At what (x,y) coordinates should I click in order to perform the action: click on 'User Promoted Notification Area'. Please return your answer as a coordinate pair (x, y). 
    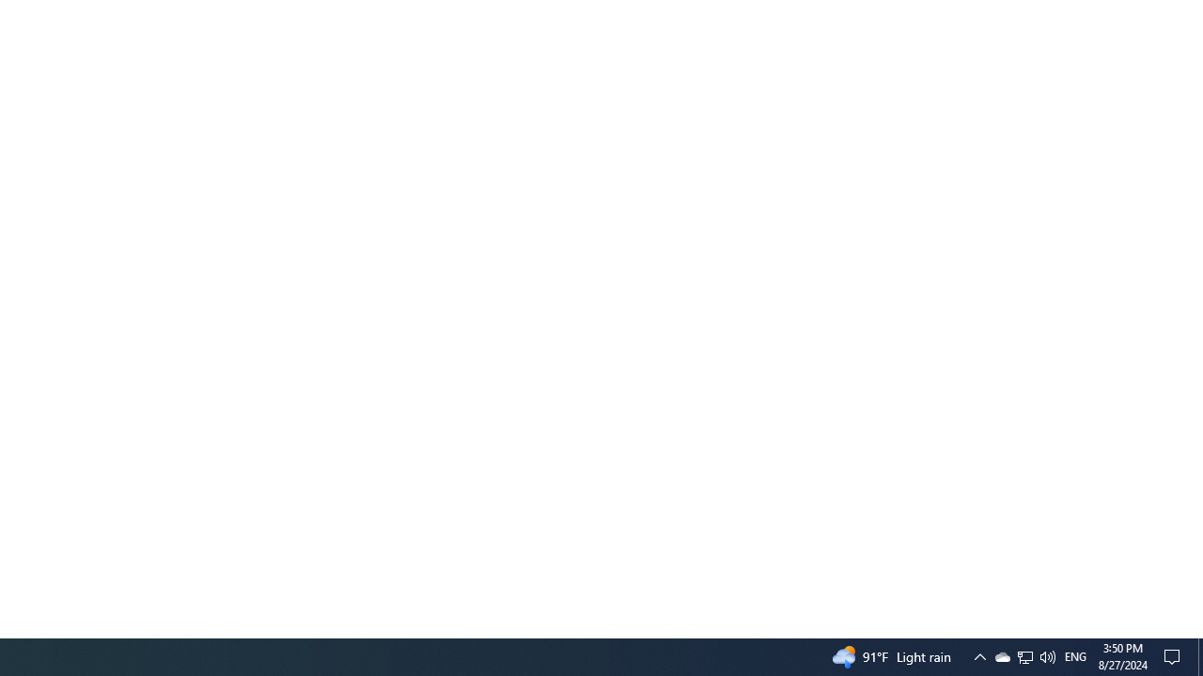
    Looking at the image, I should click on (1023, 655).